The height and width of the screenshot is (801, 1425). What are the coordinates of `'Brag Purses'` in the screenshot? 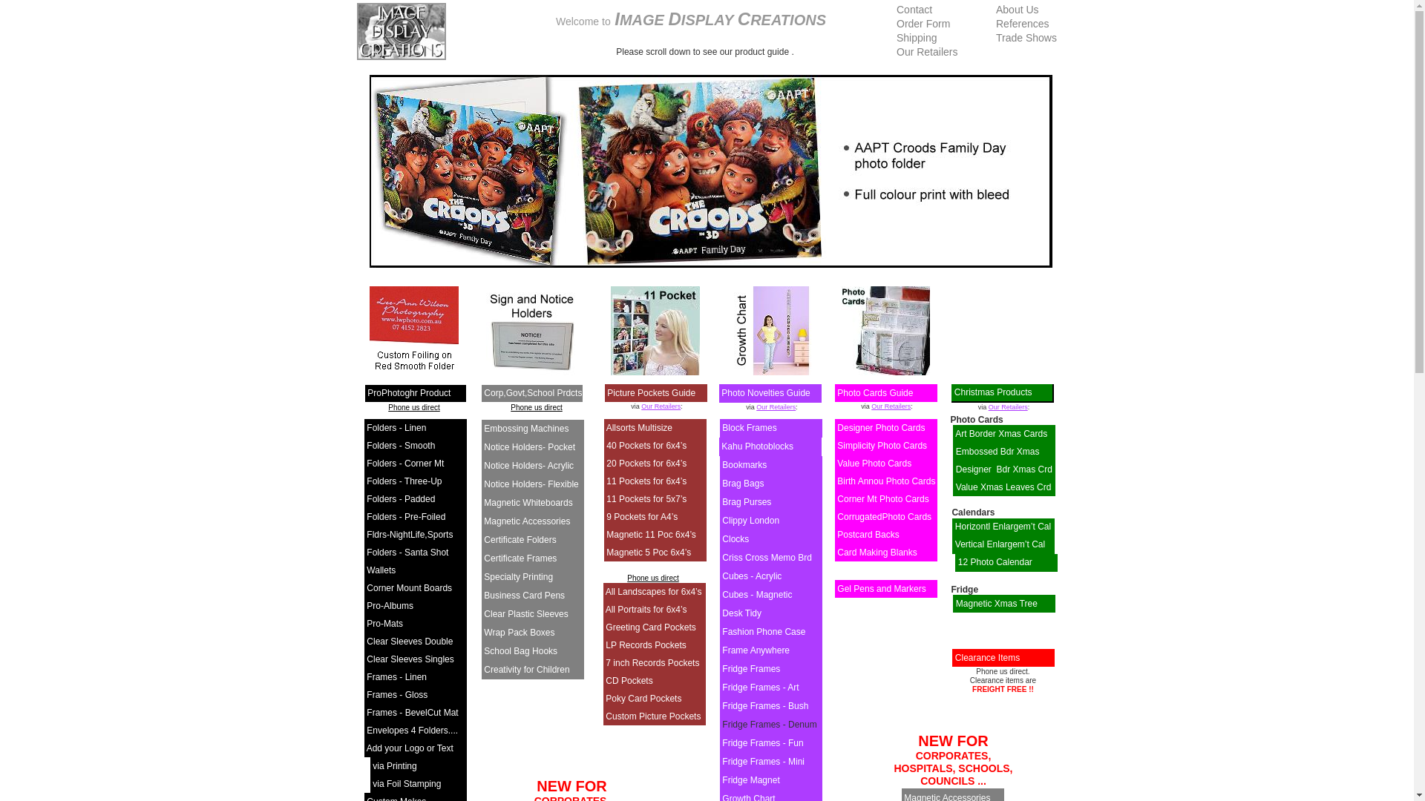 It's located at (747, 501).